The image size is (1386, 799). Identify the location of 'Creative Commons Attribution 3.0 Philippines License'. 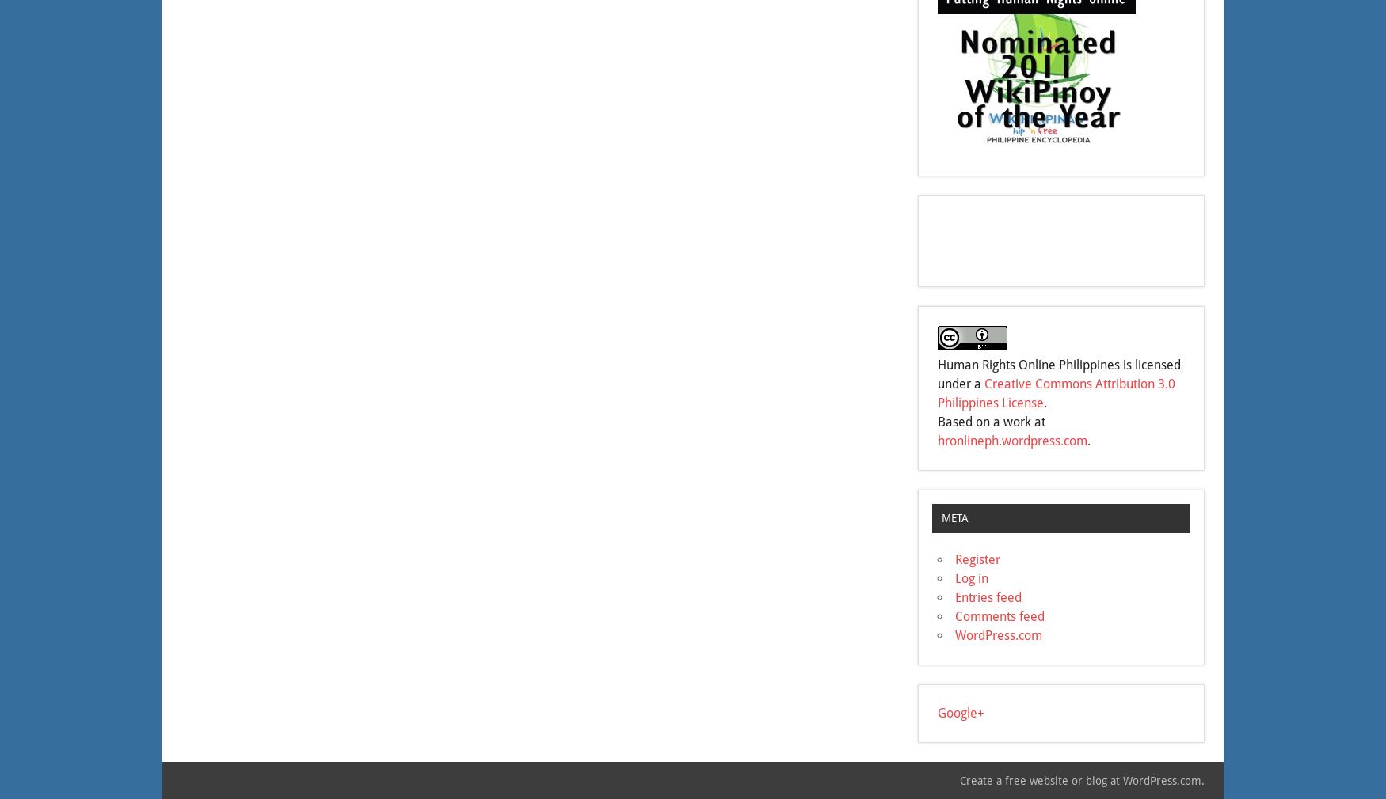
(1057, 393).